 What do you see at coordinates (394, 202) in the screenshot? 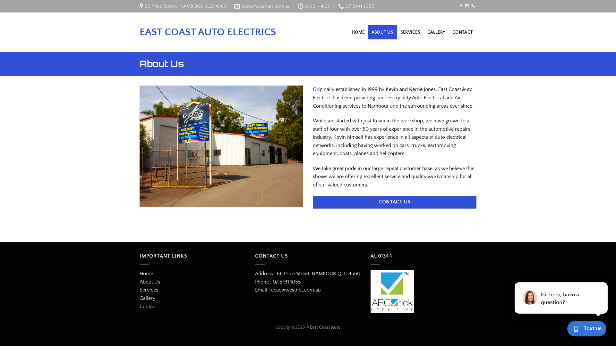
I see `'CONTACT US'` at bounding box center [394, 202].